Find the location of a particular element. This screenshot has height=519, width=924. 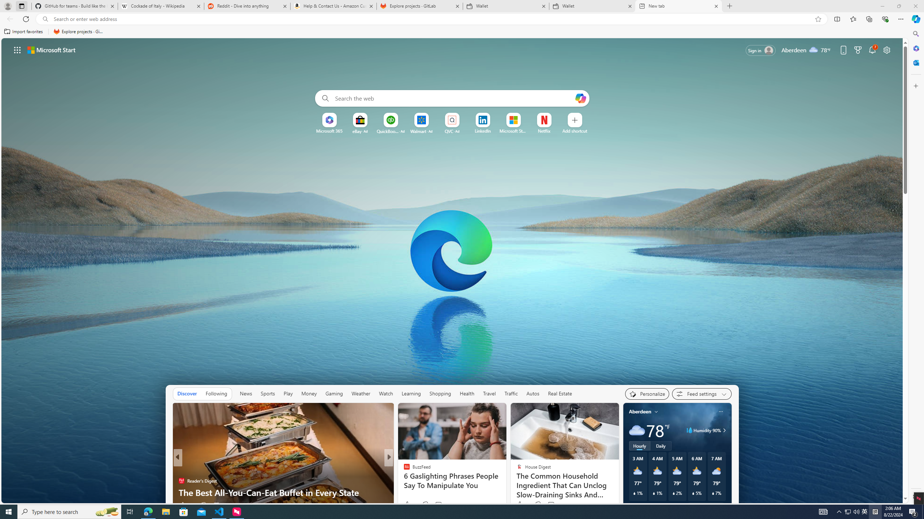

'News' is located at coordinates (246, 393).